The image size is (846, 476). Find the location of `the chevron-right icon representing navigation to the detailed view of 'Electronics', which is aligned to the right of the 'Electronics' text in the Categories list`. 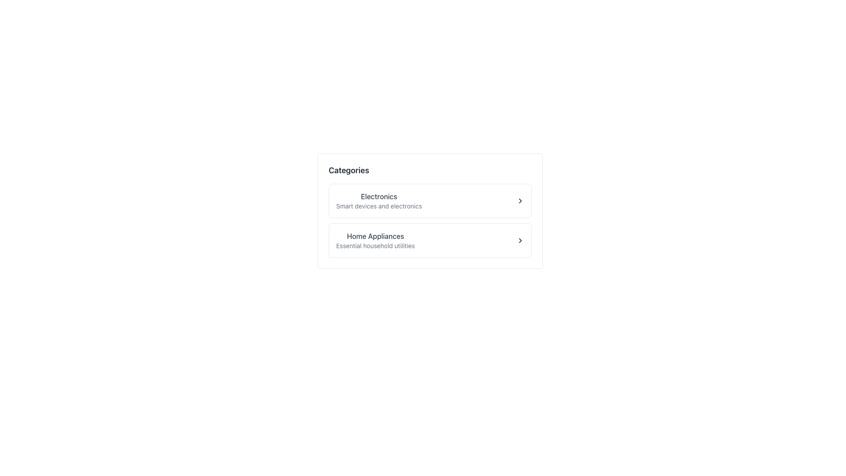

the chevron-right icon representing navigation to the detailed view of 'Electronics', which is aligned to the right of the 'Electronics' text in the Categories list is located at coordinates (520, 201).